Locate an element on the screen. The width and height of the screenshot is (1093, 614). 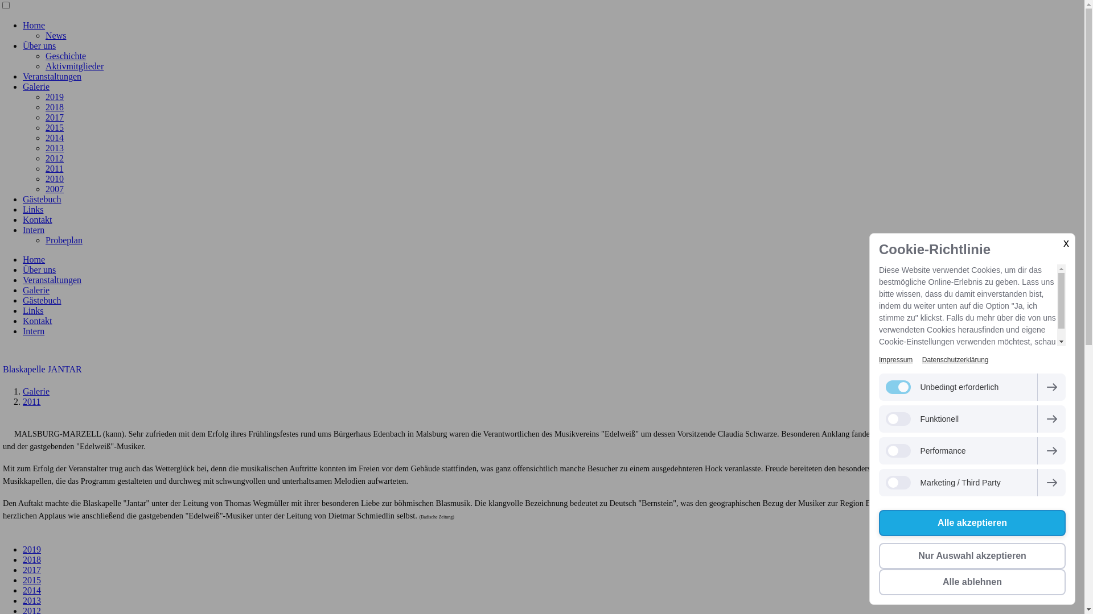
'Aktivmitglieder' is located at coordinates (73, 66).